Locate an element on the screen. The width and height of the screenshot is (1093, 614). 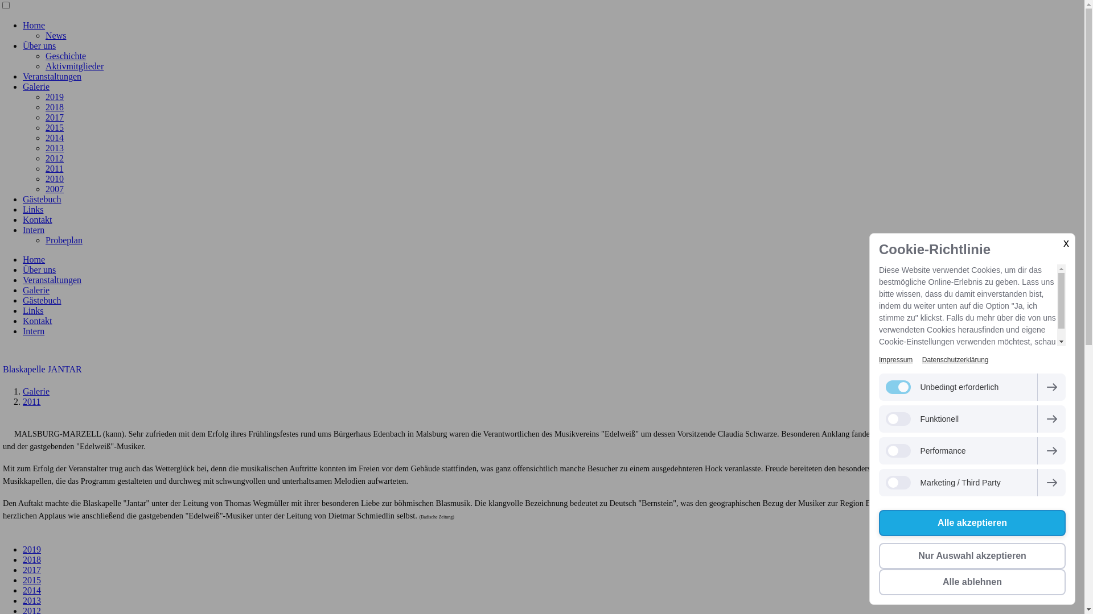
'Aktivmitglieder' is located at coordinates (73, 66).